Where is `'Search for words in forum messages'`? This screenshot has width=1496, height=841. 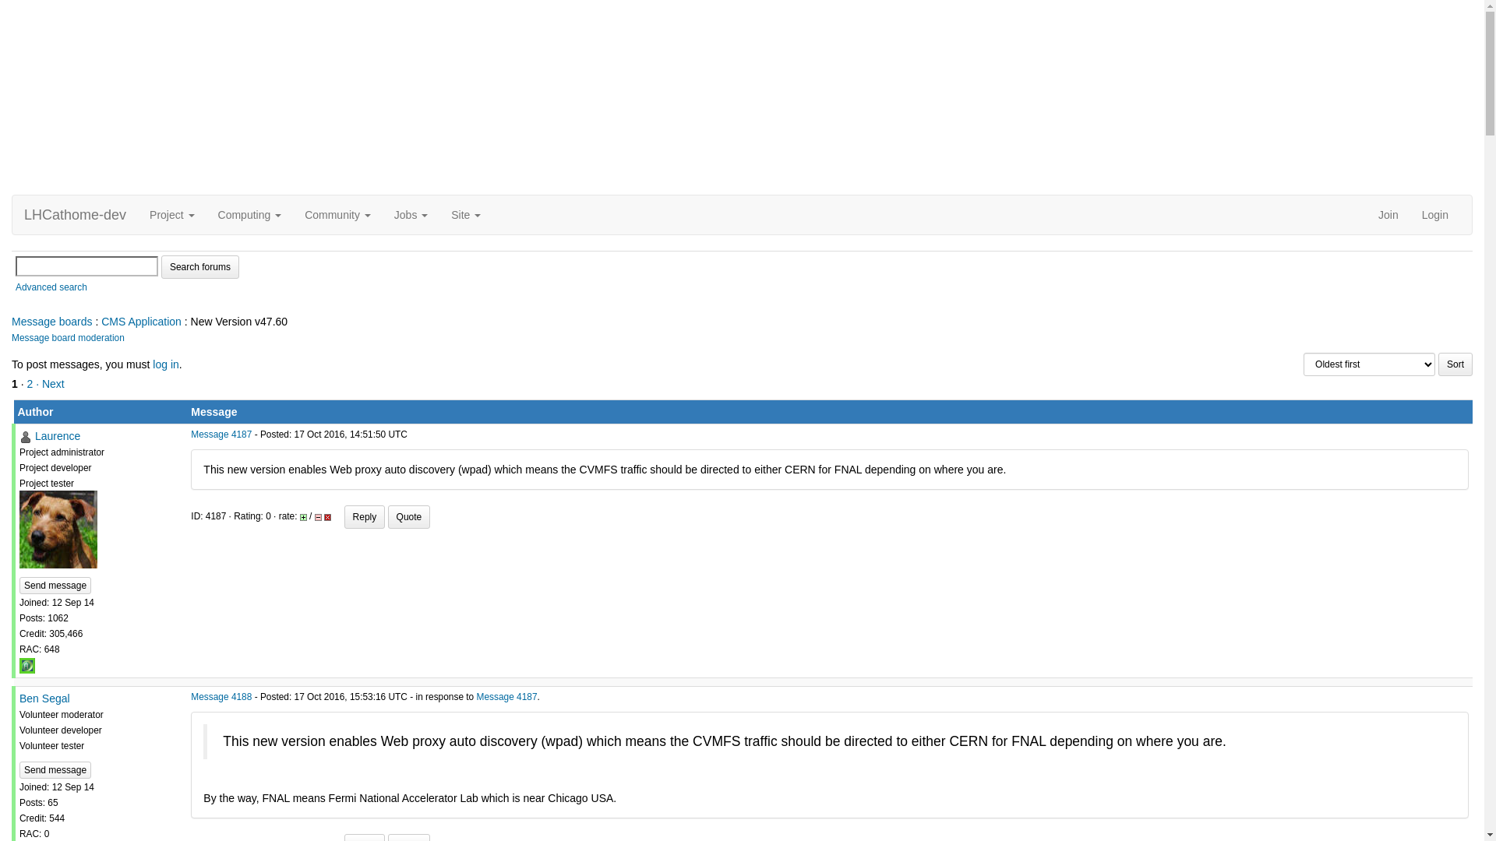
'Search for words in forum messages' is located at coordinates (199, 266).